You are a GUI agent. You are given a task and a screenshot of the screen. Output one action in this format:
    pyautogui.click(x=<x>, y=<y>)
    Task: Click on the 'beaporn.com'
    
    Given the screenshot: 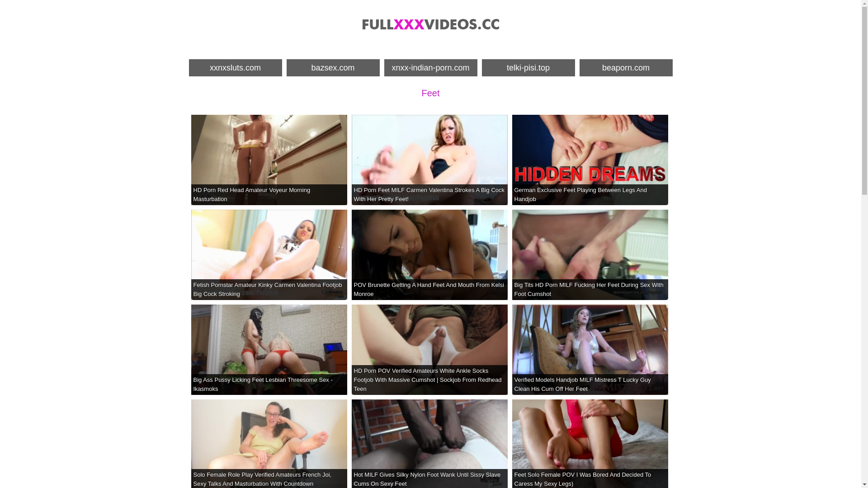 What is the action you would take?
    pyautogui.click(x=626, y=67)
    